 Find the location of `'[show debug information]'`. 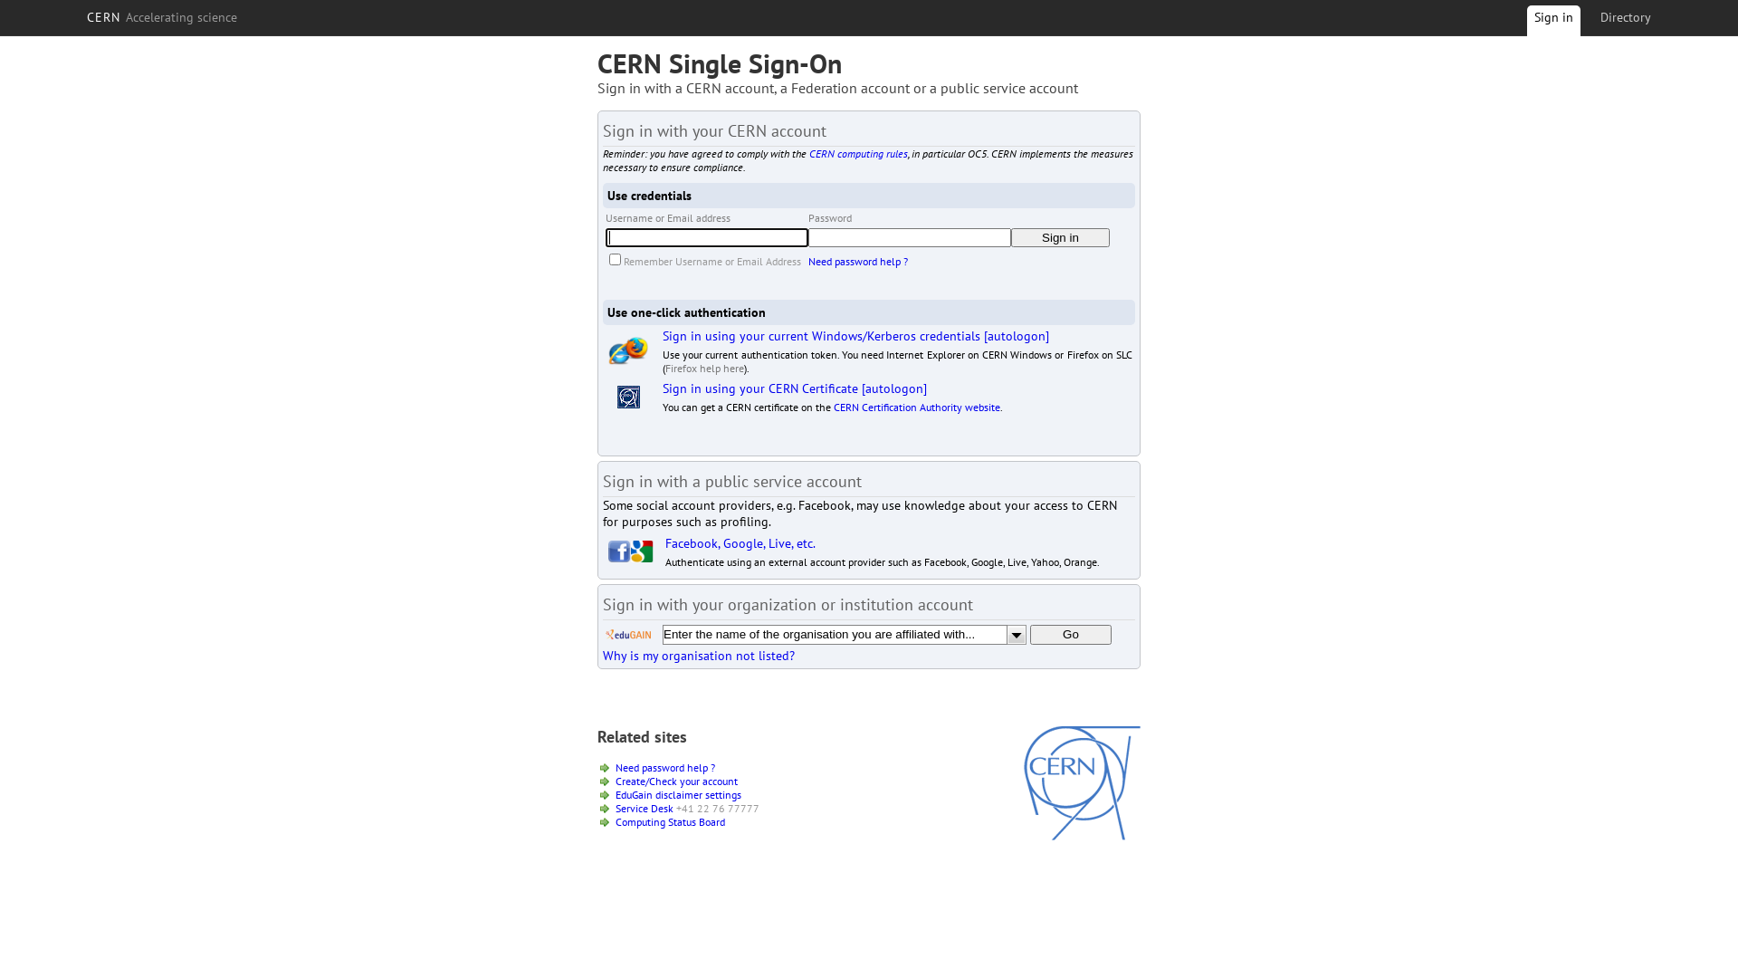

'[show debug information]' is located at coordinates (655, 676).